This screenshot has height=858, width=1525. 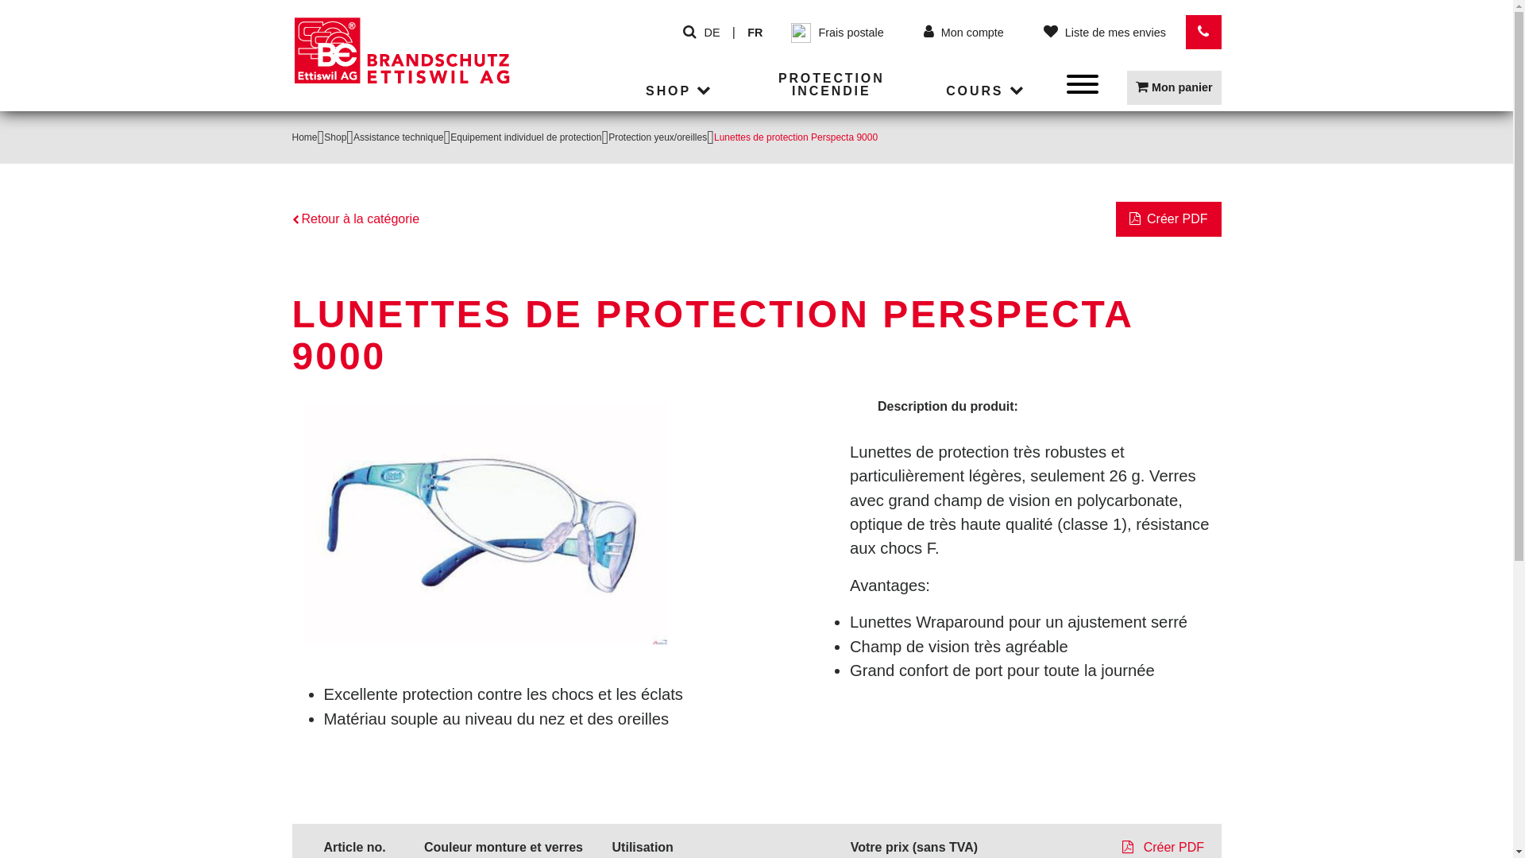 What do you see at coordinates (689, 33) in the screenshot?
I see `'Chercher'` at bounding box center [689, 33].